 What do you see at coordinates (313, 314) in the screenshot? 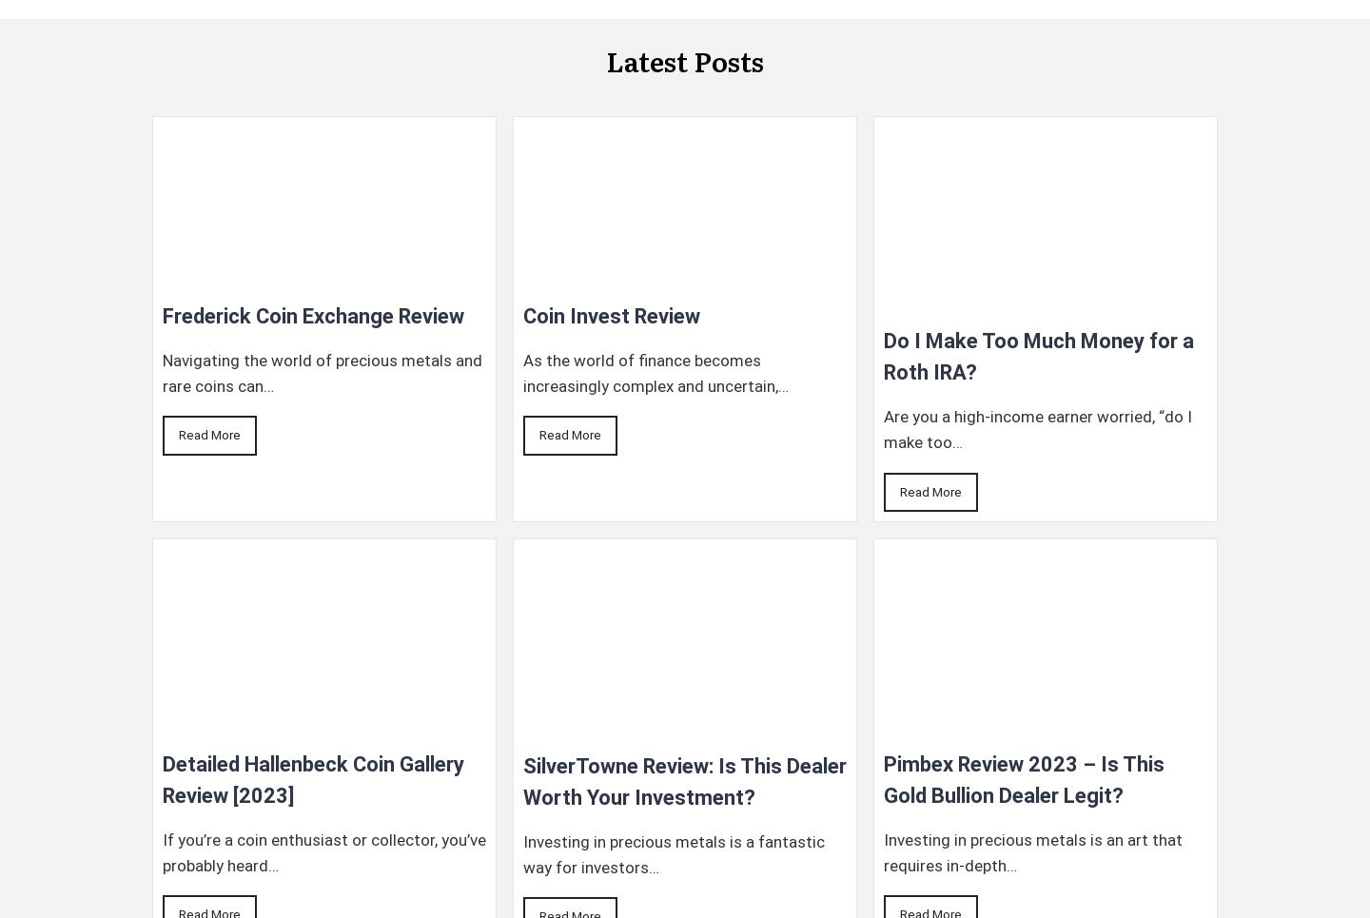
I see `'Frederick Coin Exchange Review'` at bounding box center [313, 314].